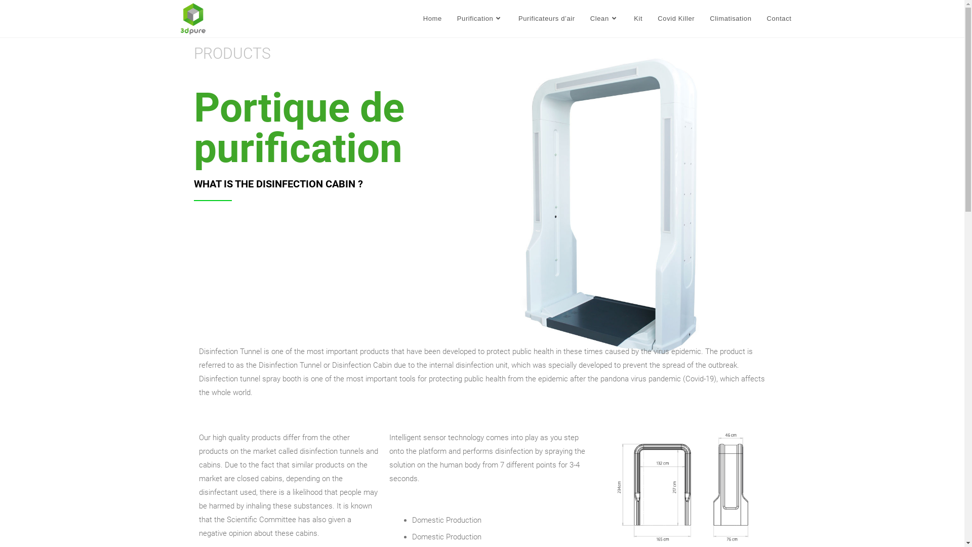 The width and height of the screenshot is (972, 547). I want to click on 'Covid Killer', so click(676, 19).